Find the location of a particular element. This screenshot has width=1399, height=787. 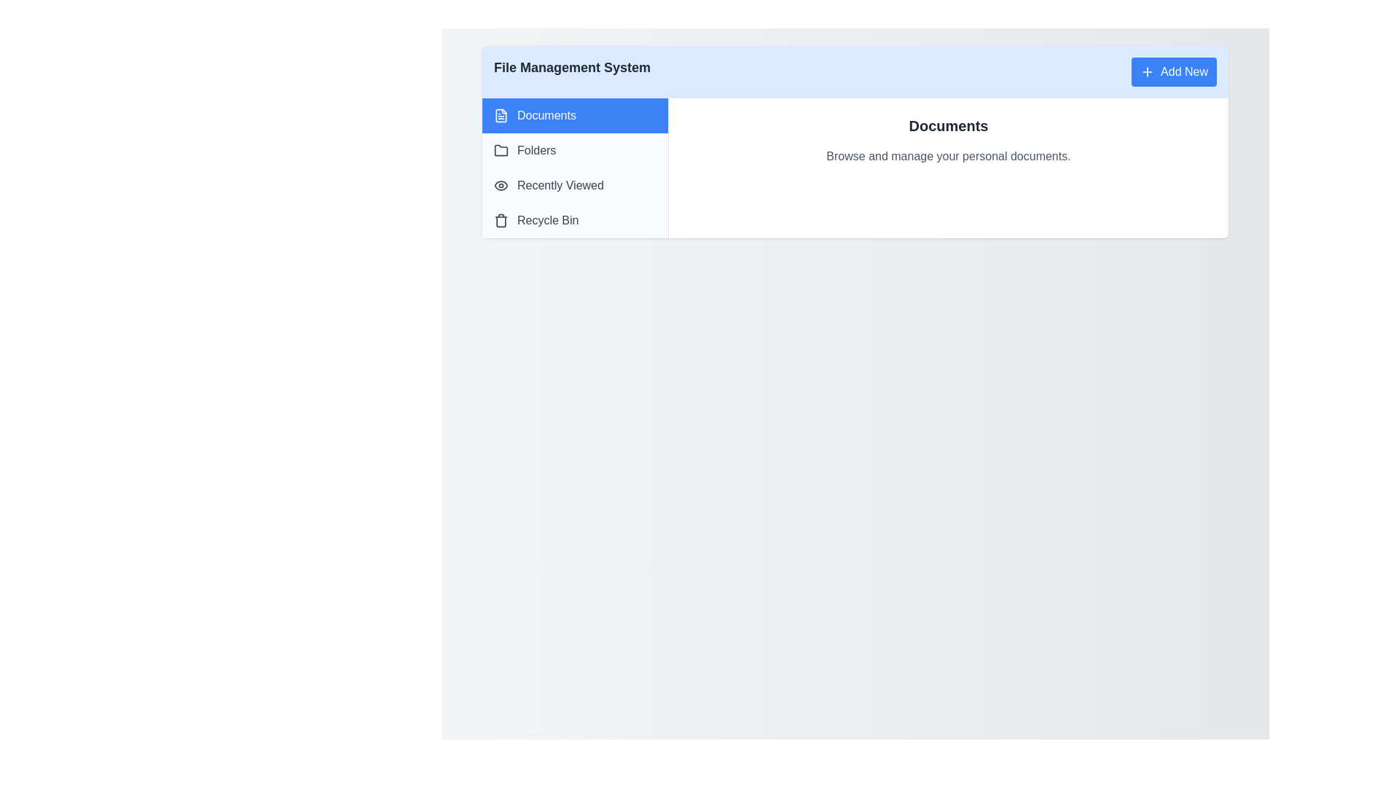

the decorative icon representing the 'Folders' category located on the left-hand panel, immediately to the left of the 'Folders' text is located at coordinates (501, 149).